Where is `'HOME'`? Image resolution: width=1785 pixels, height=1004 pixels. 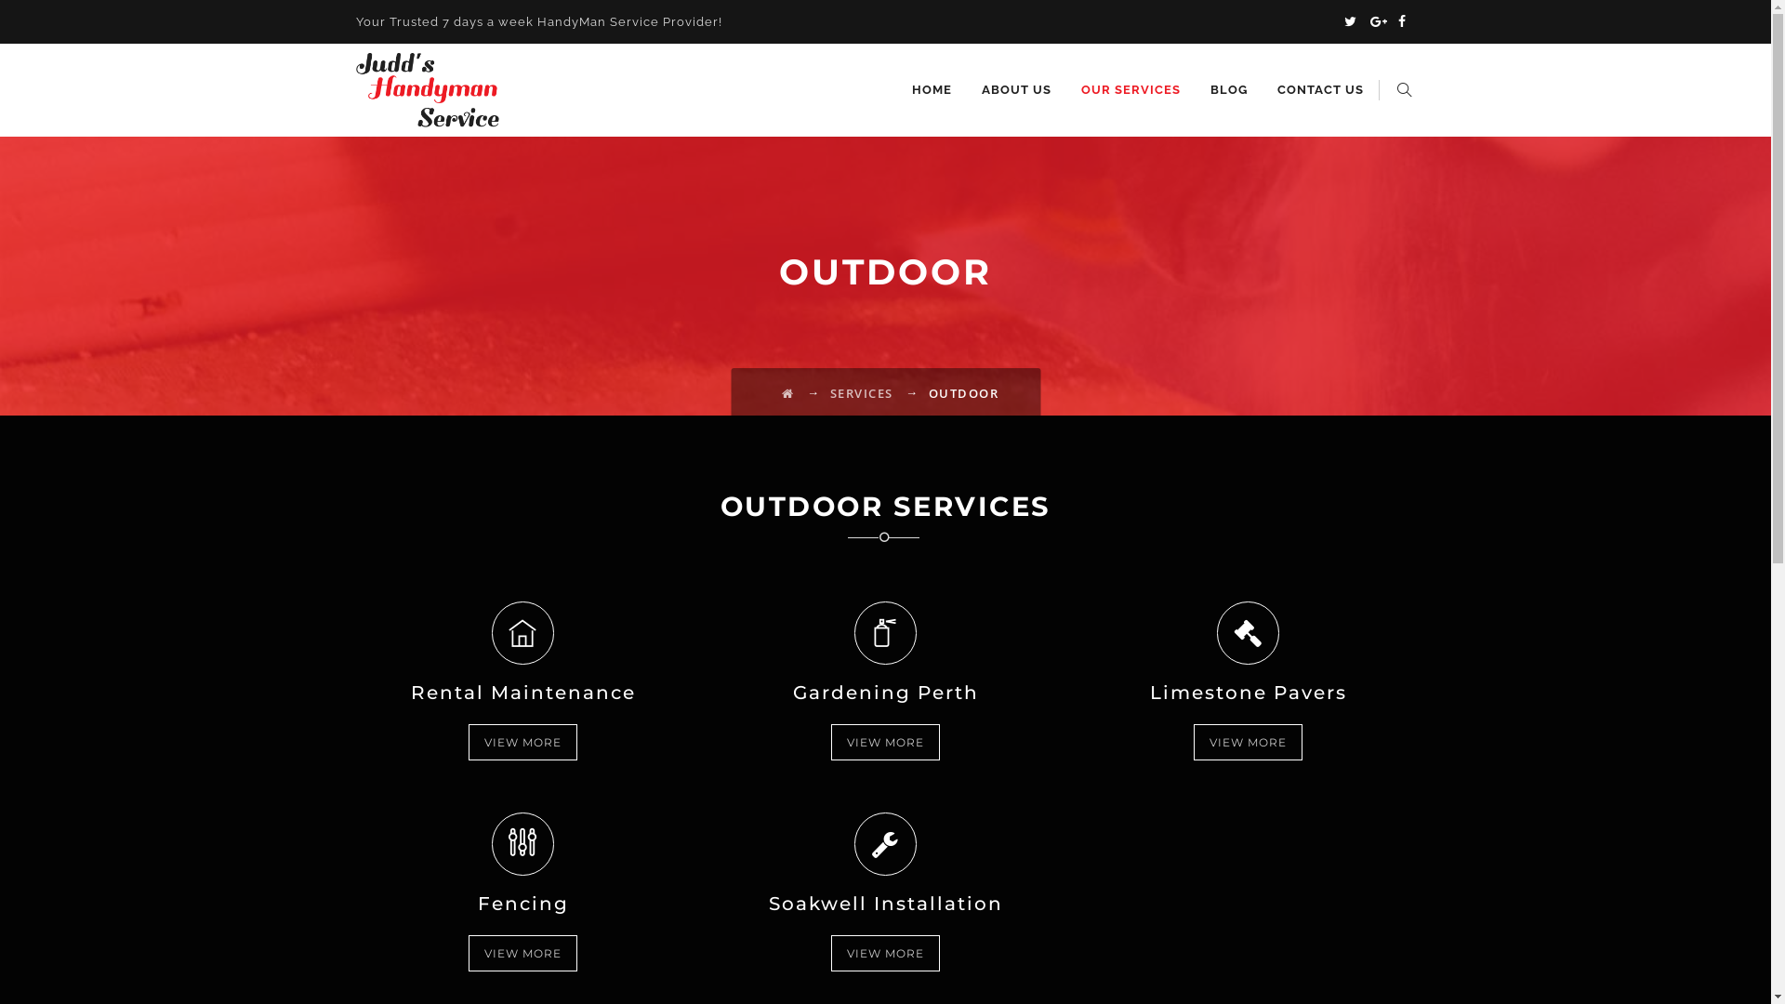
'HOME' is located at coordinates (932, 89).